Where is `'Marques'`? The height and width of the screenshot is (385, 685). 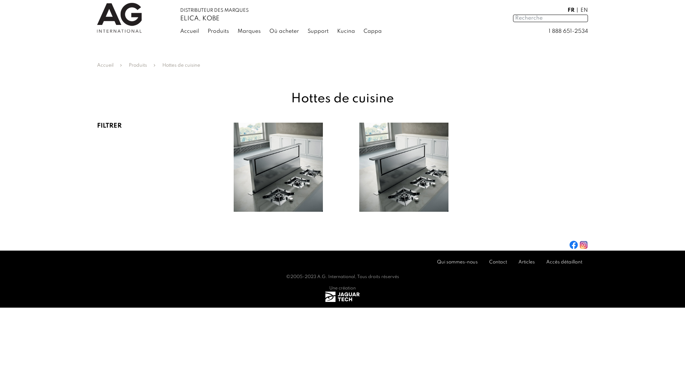 'Marques' is located at coordinates (238, 30).